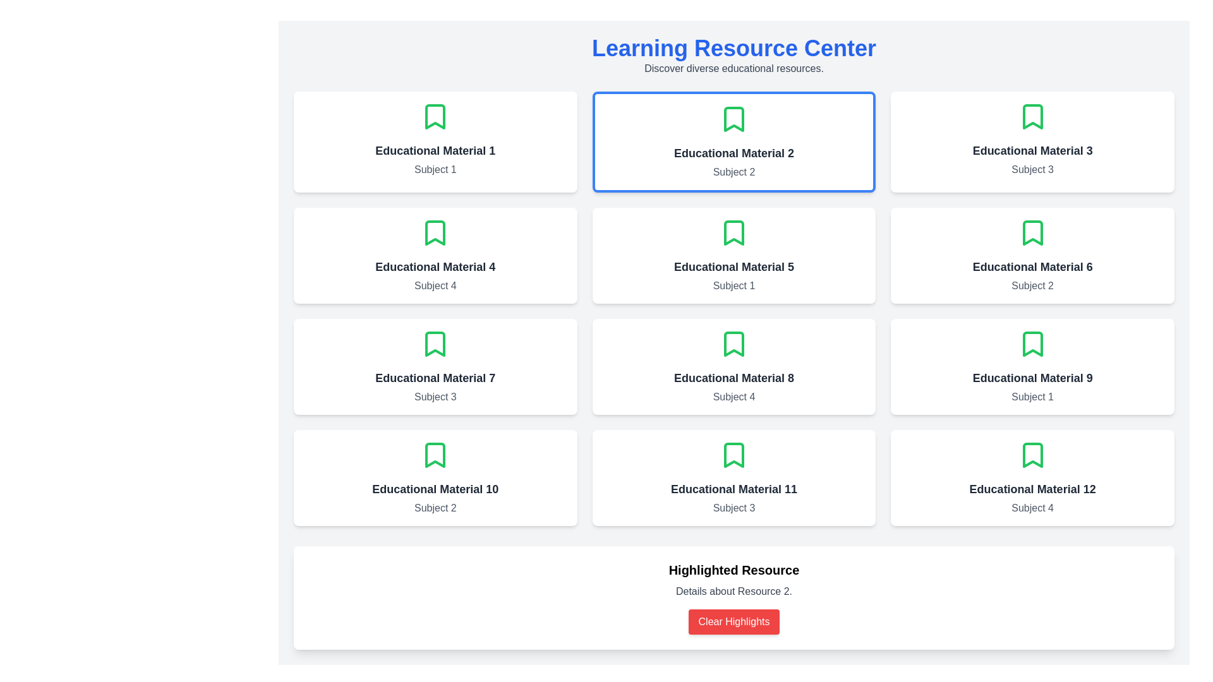 The width and height of the screenshot is (1213, 682). Describe the element at coordinates (1032, 233) in the screenshot. I see `the green bookmark icon located at the upper center of the card displaying 'Educational Material 6' to interact with it` at that location.